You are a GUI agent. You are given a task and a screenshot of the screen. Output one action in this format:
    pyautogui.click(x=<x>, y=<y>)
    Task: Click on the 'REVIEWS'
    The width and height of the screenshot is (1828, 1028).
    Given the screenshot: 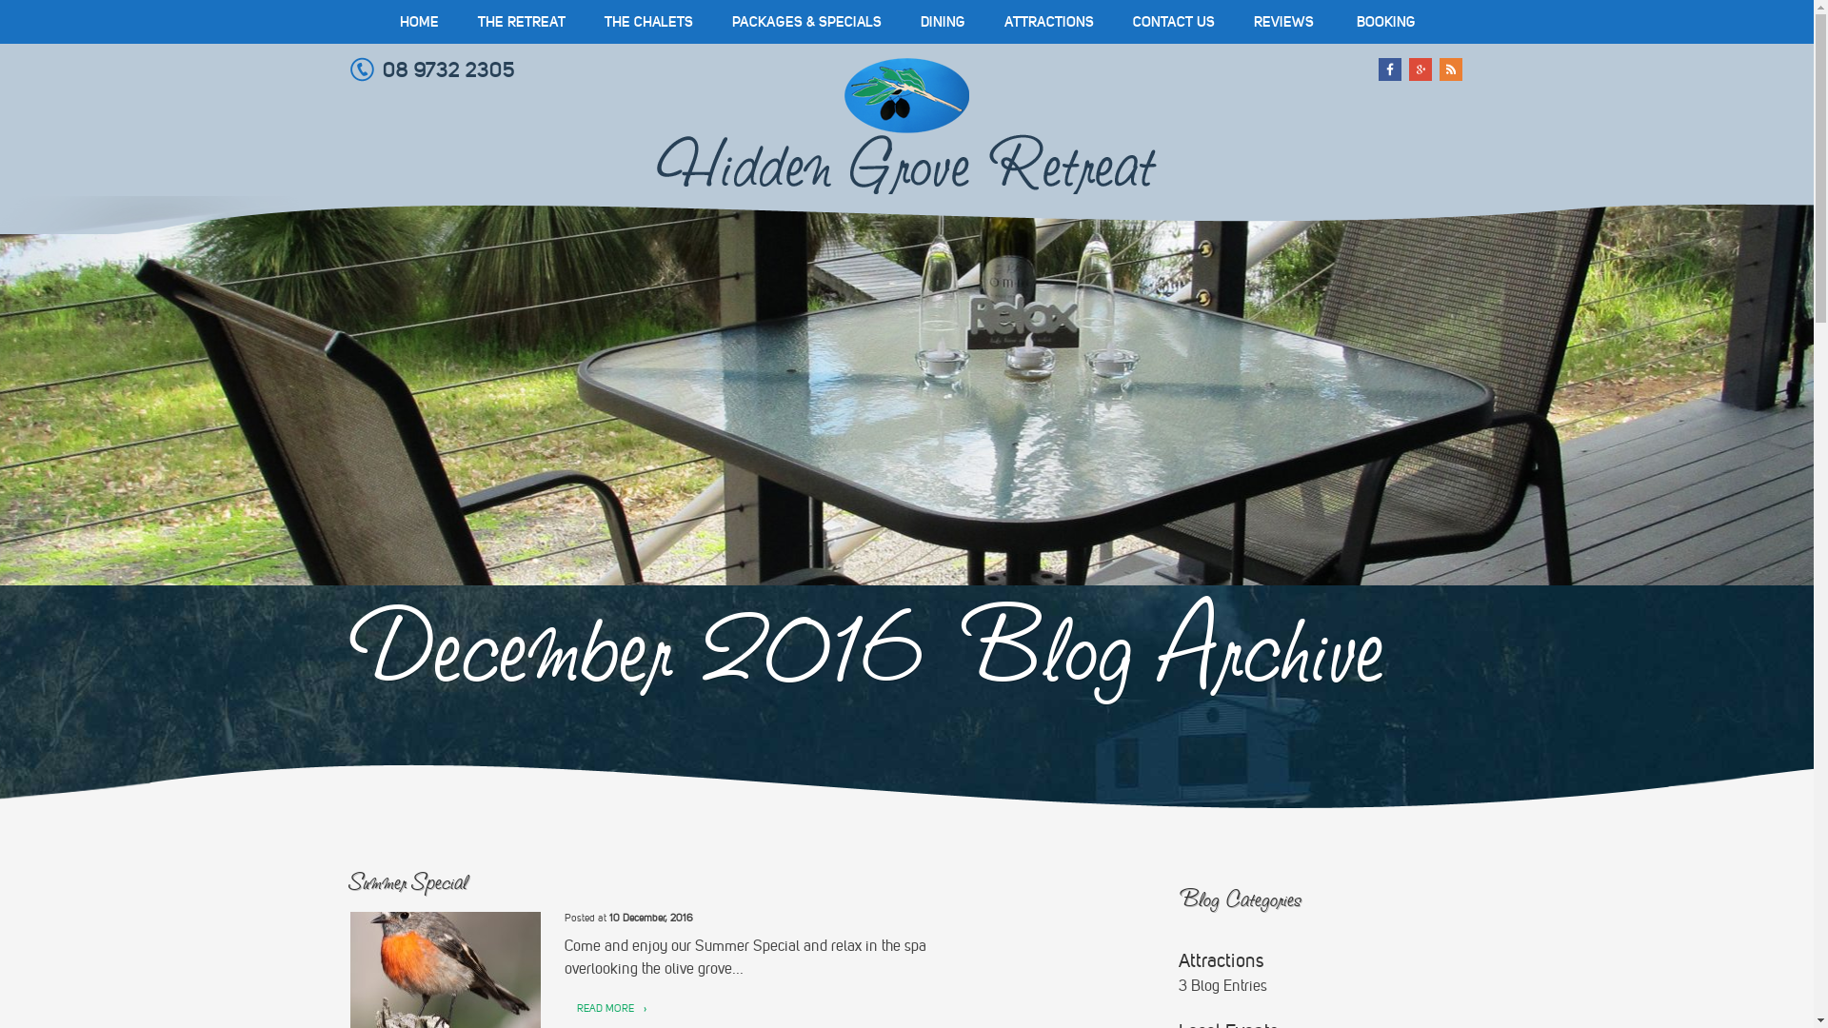 What is the action you would take?
    pyautogui.click(x=1282, y=22)
    